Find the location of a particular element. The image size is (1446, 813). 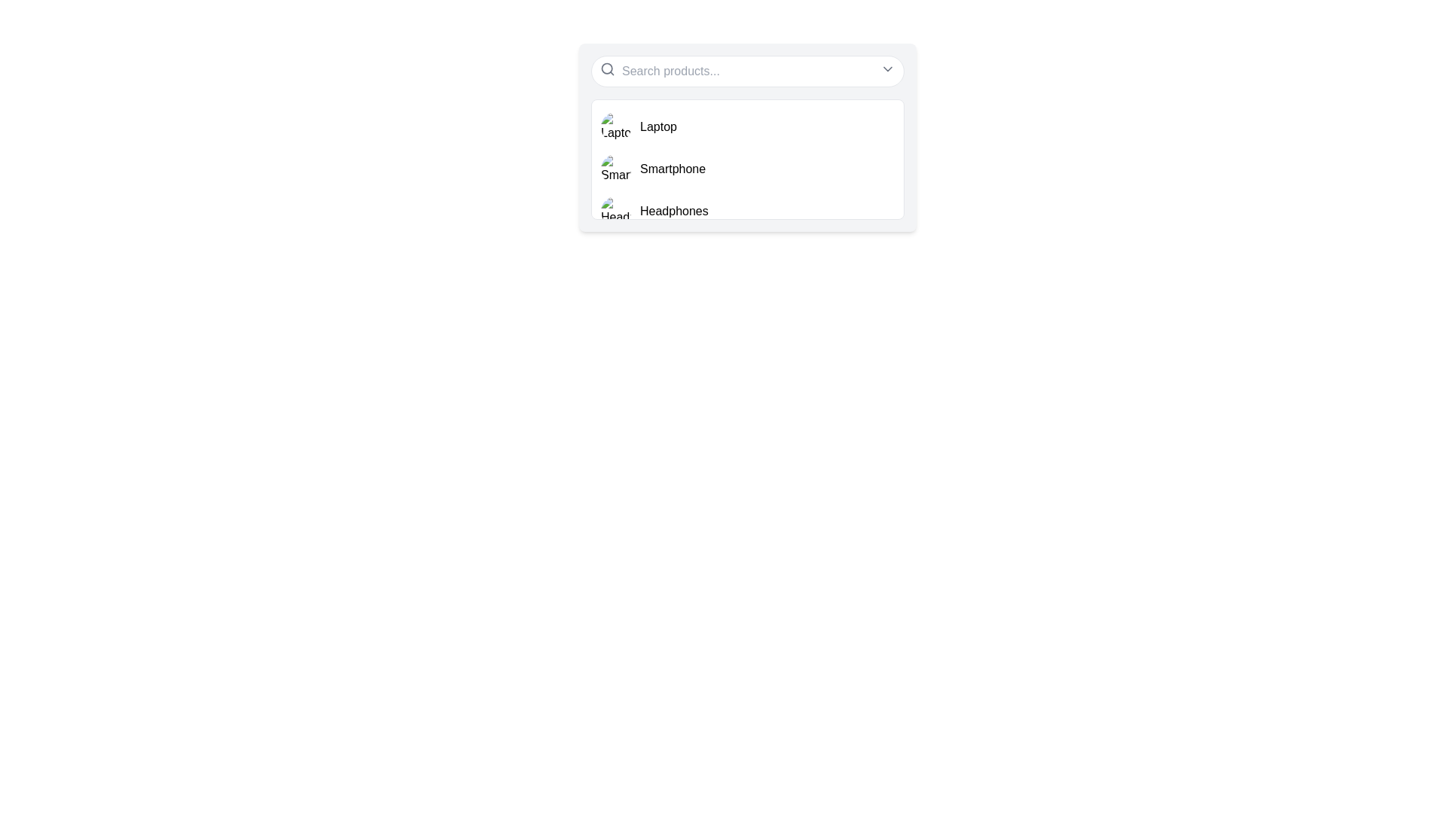

the second text label in the dropdown menu is located at coordinates (672, 169).